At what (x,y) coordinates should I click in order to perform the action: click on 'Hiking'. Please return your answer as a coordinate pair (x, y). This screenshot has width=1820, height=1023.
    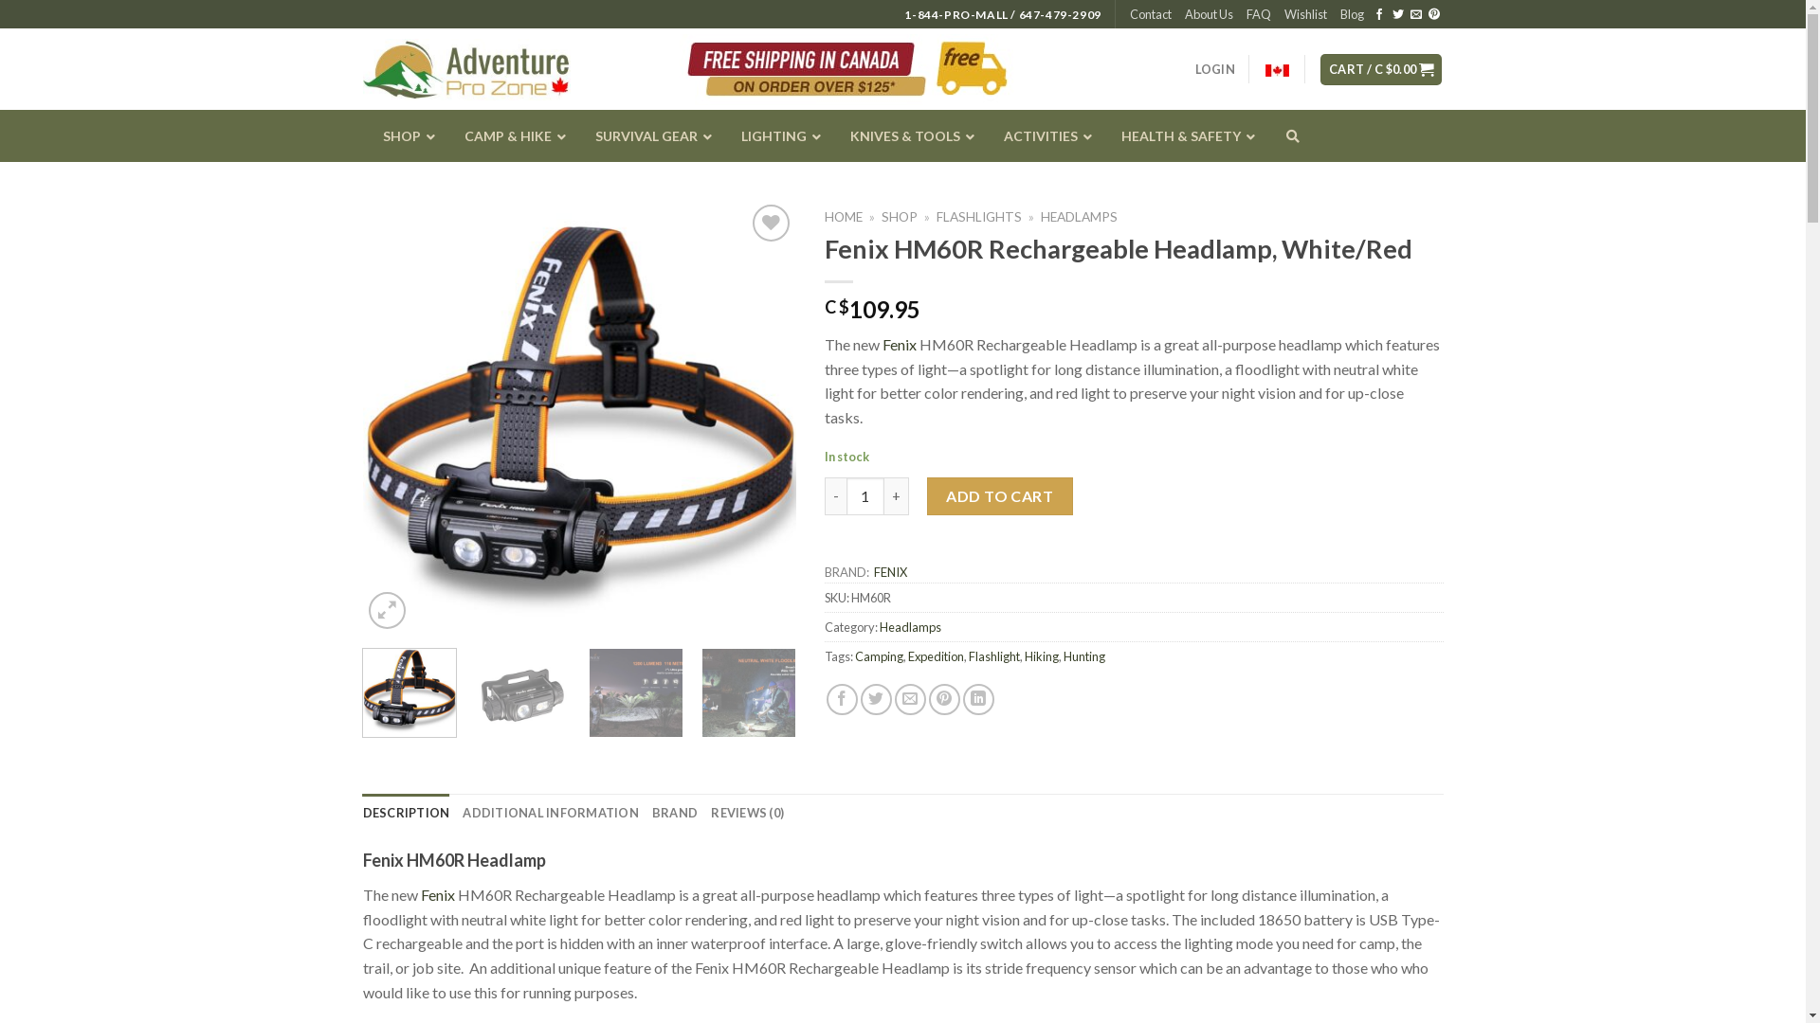
    Looking at the image, I should click on (1041, 655).